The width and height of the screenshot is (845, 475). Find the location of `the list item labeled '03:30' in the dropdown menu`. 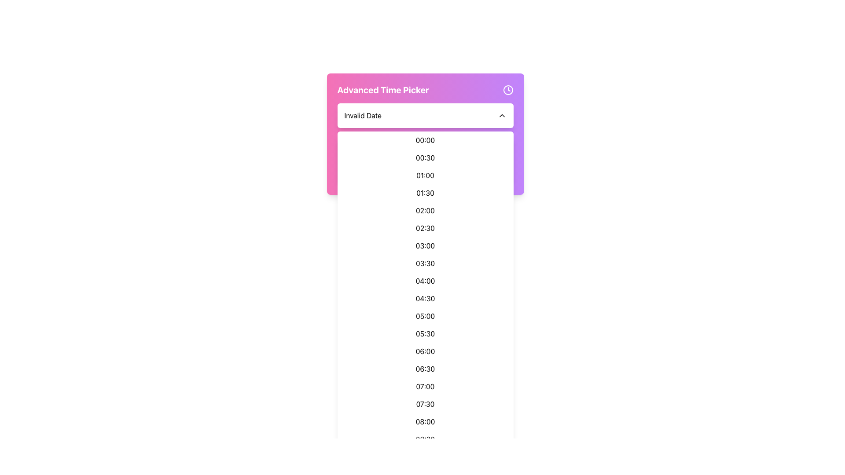

the list item labeled '03:30' in the dropdown menu is located at coordinates (425, 263).